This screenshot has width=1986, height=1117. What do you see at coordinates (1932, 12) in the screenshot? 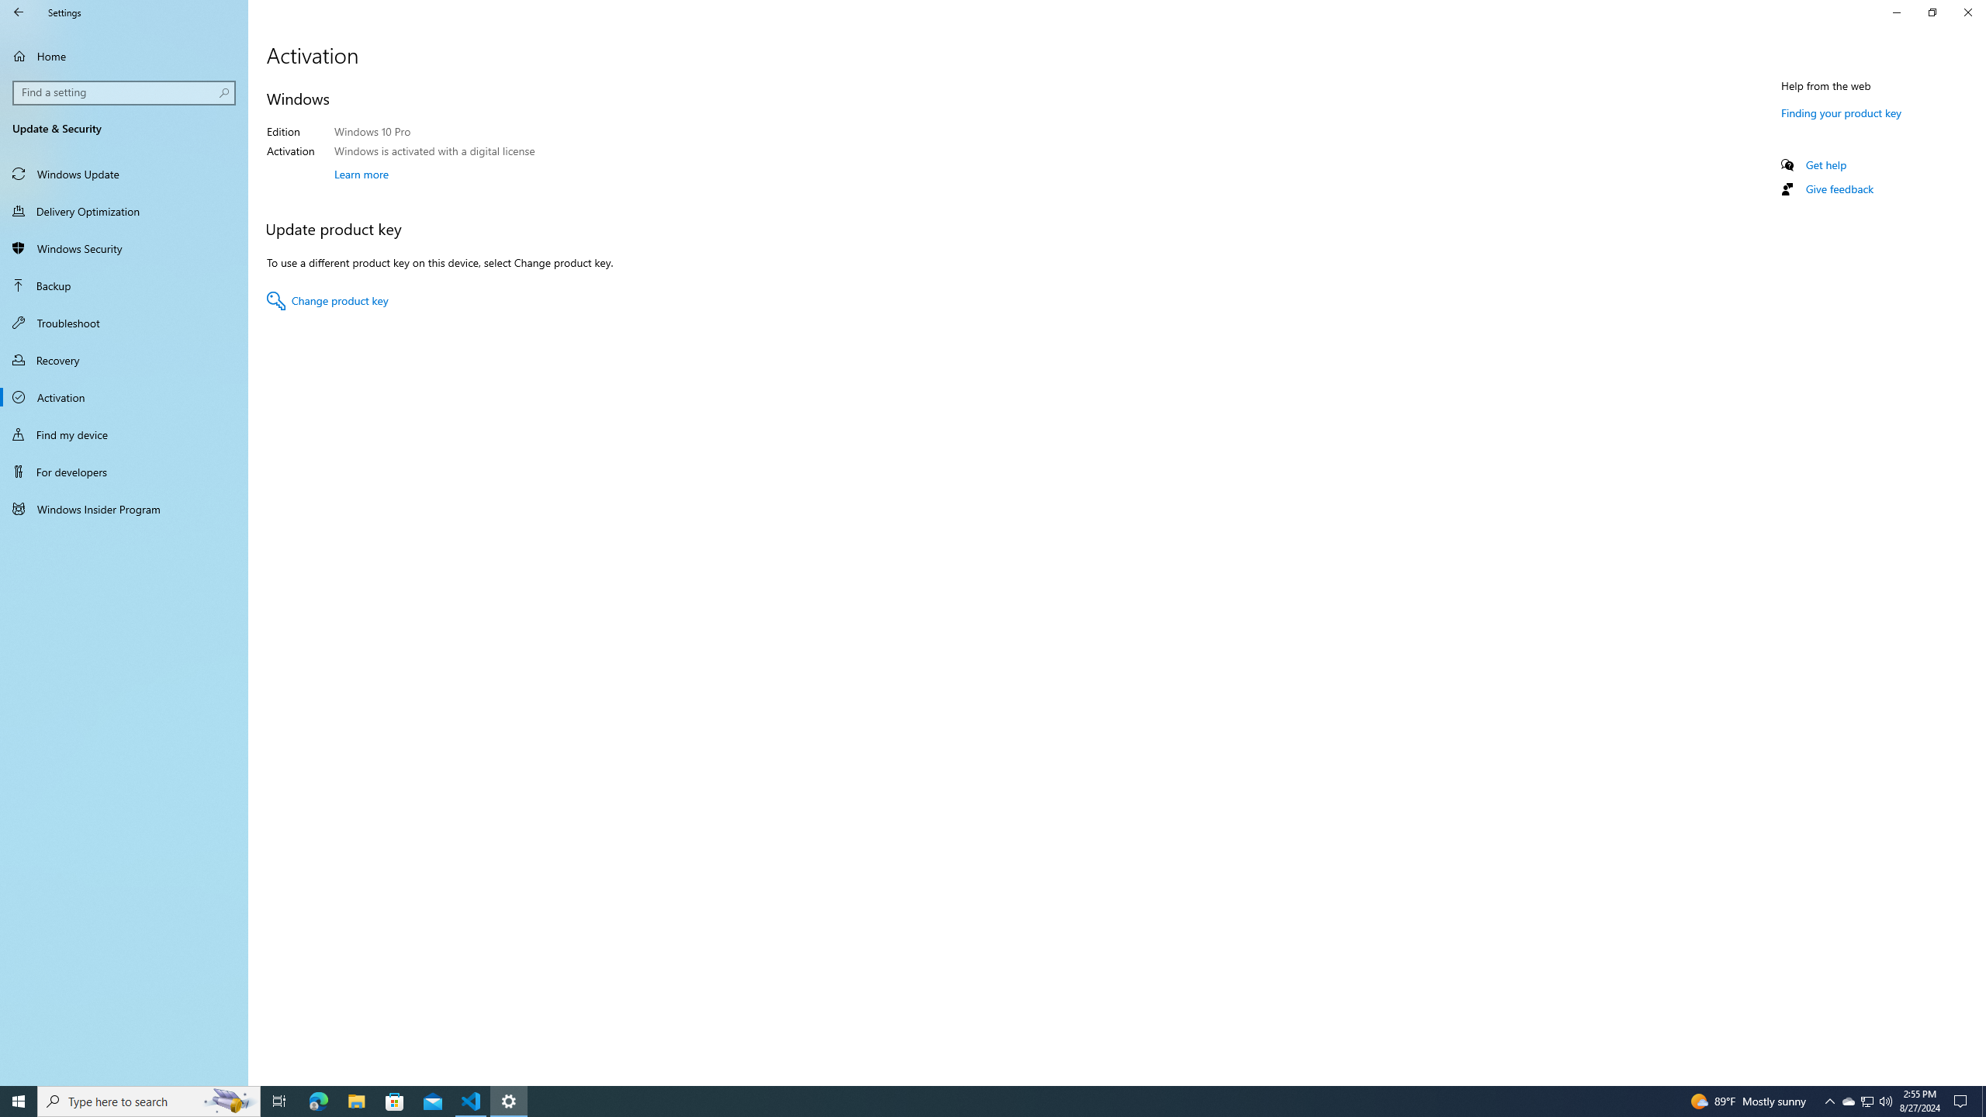
I see `'Restore Settings'` at bounding box center [1932, 12].